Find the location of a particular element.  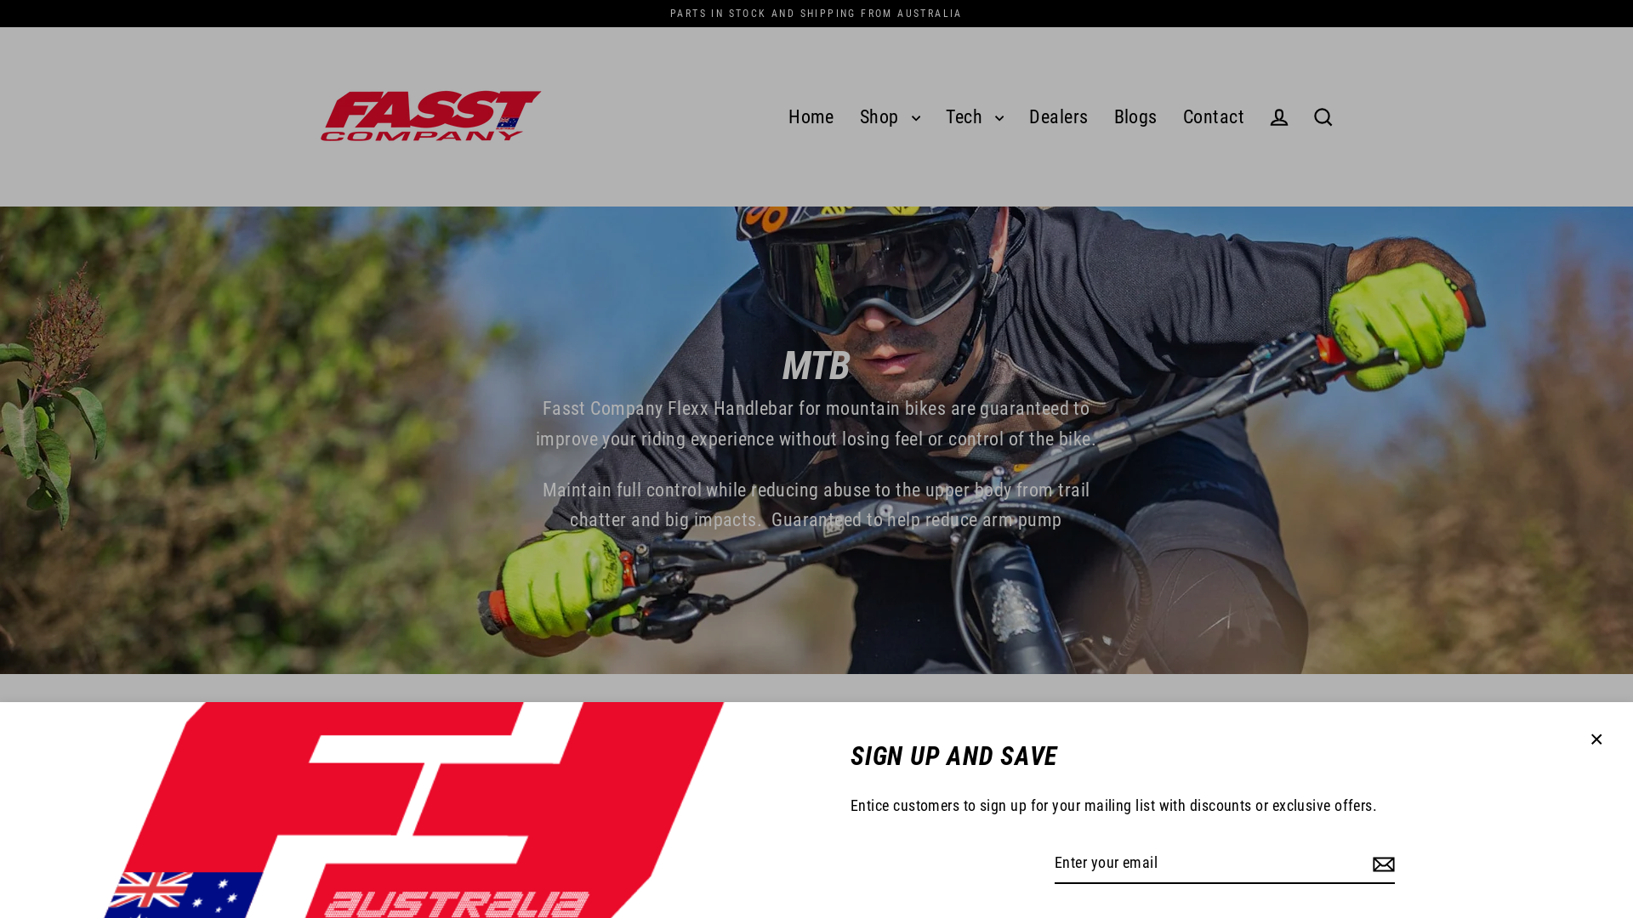

'Dealers' is located at coordinates (1057, 116).